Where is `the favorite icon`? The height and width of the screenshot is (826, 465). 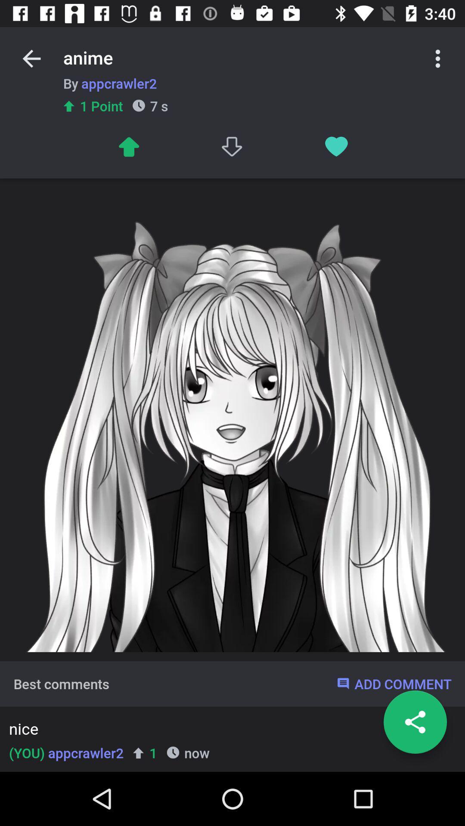
the favorite icon is located at coordinates (336, 147).